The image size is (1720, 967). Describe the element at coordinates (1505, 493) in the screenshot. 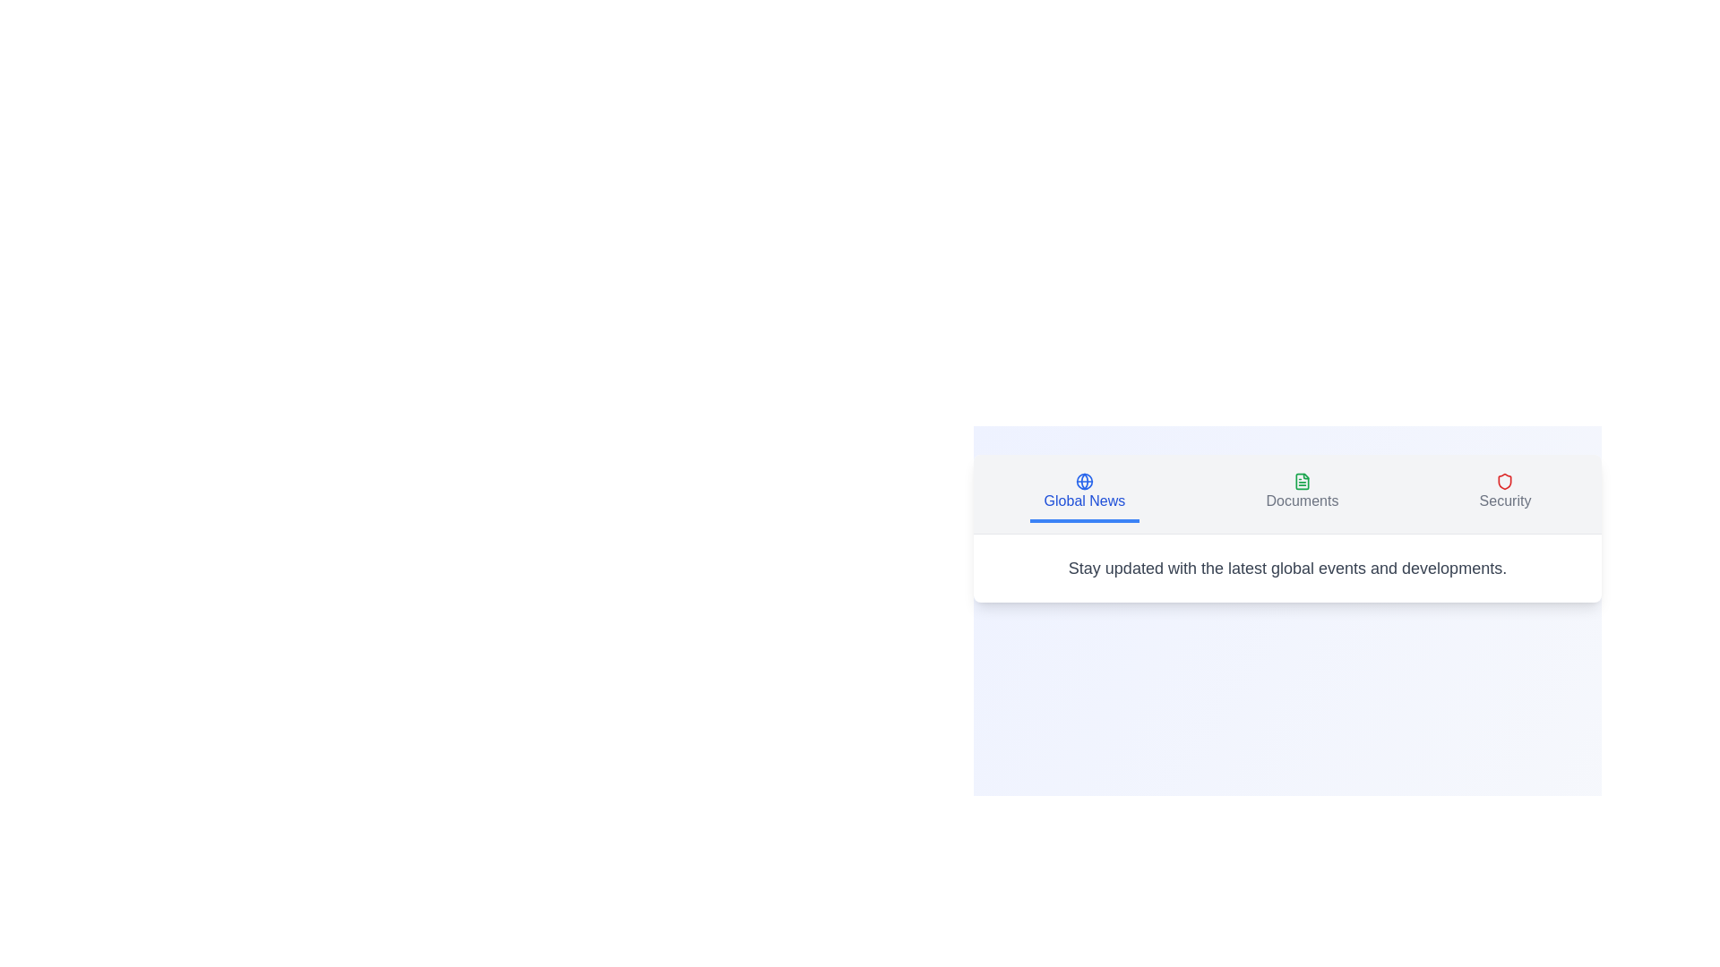

I see `the Security tab to view its content` at that location.